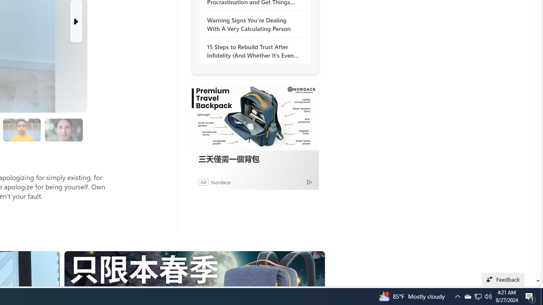 The width and height of the screenshot is (543, 305). I want to click on 'Class: progress', so click(63, 128).